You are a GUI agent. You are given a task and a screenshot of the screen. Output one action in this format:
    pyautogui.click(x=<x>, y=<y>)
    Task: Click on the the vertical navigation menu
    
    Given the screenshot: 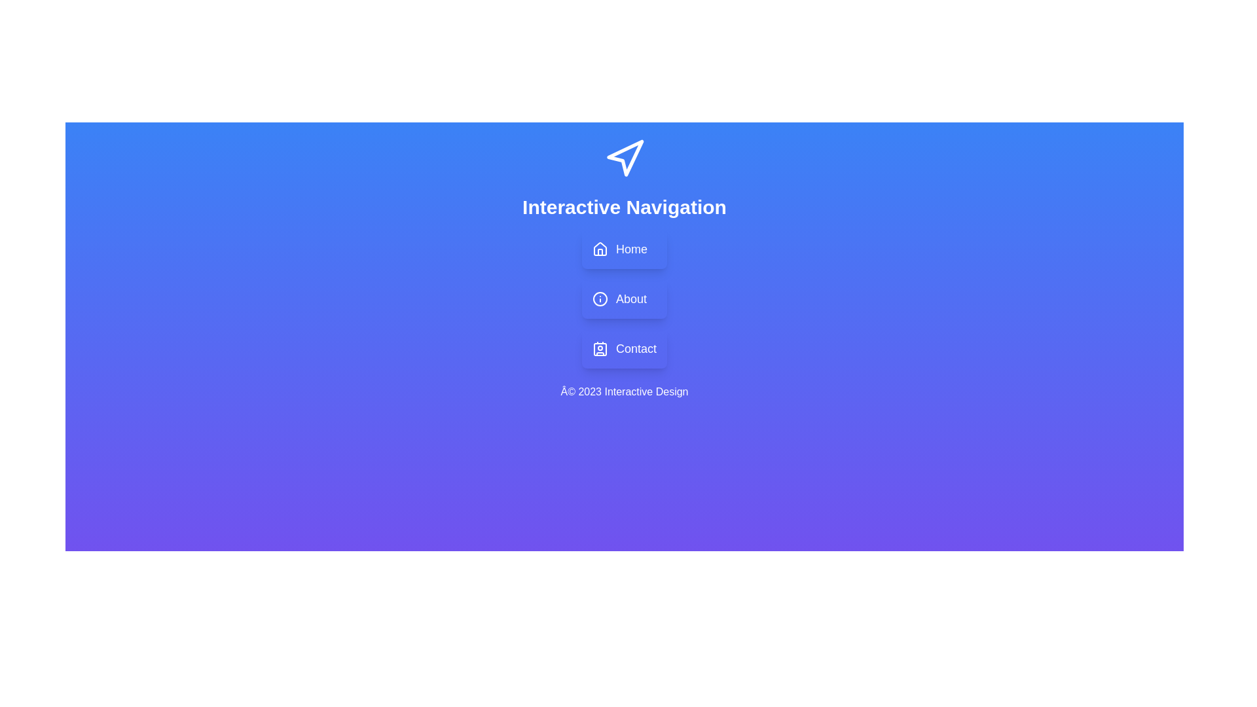 What is the action you would take?
    pyautogui.click(x=624, y=299)
    